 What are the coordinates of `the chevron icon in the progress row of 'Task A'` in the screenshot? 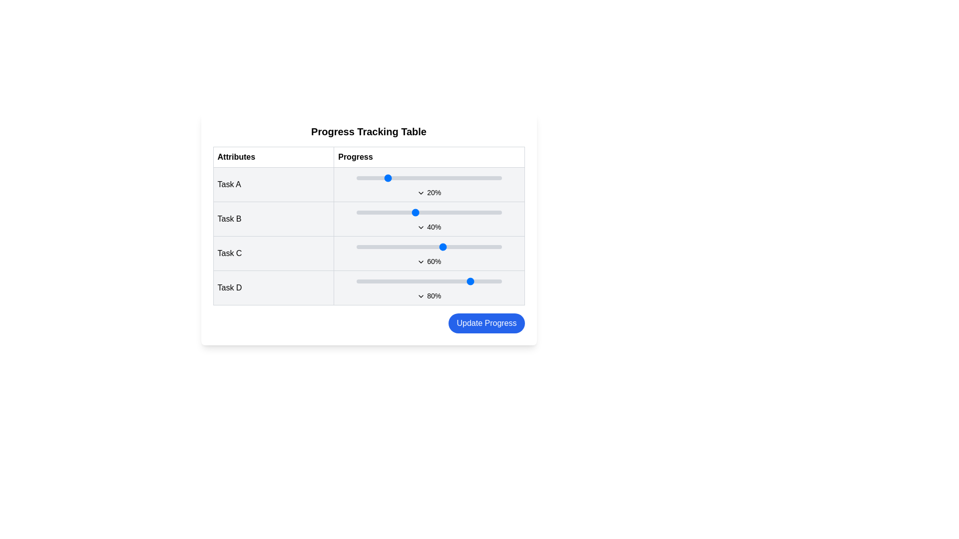 It's located at (421, 193).